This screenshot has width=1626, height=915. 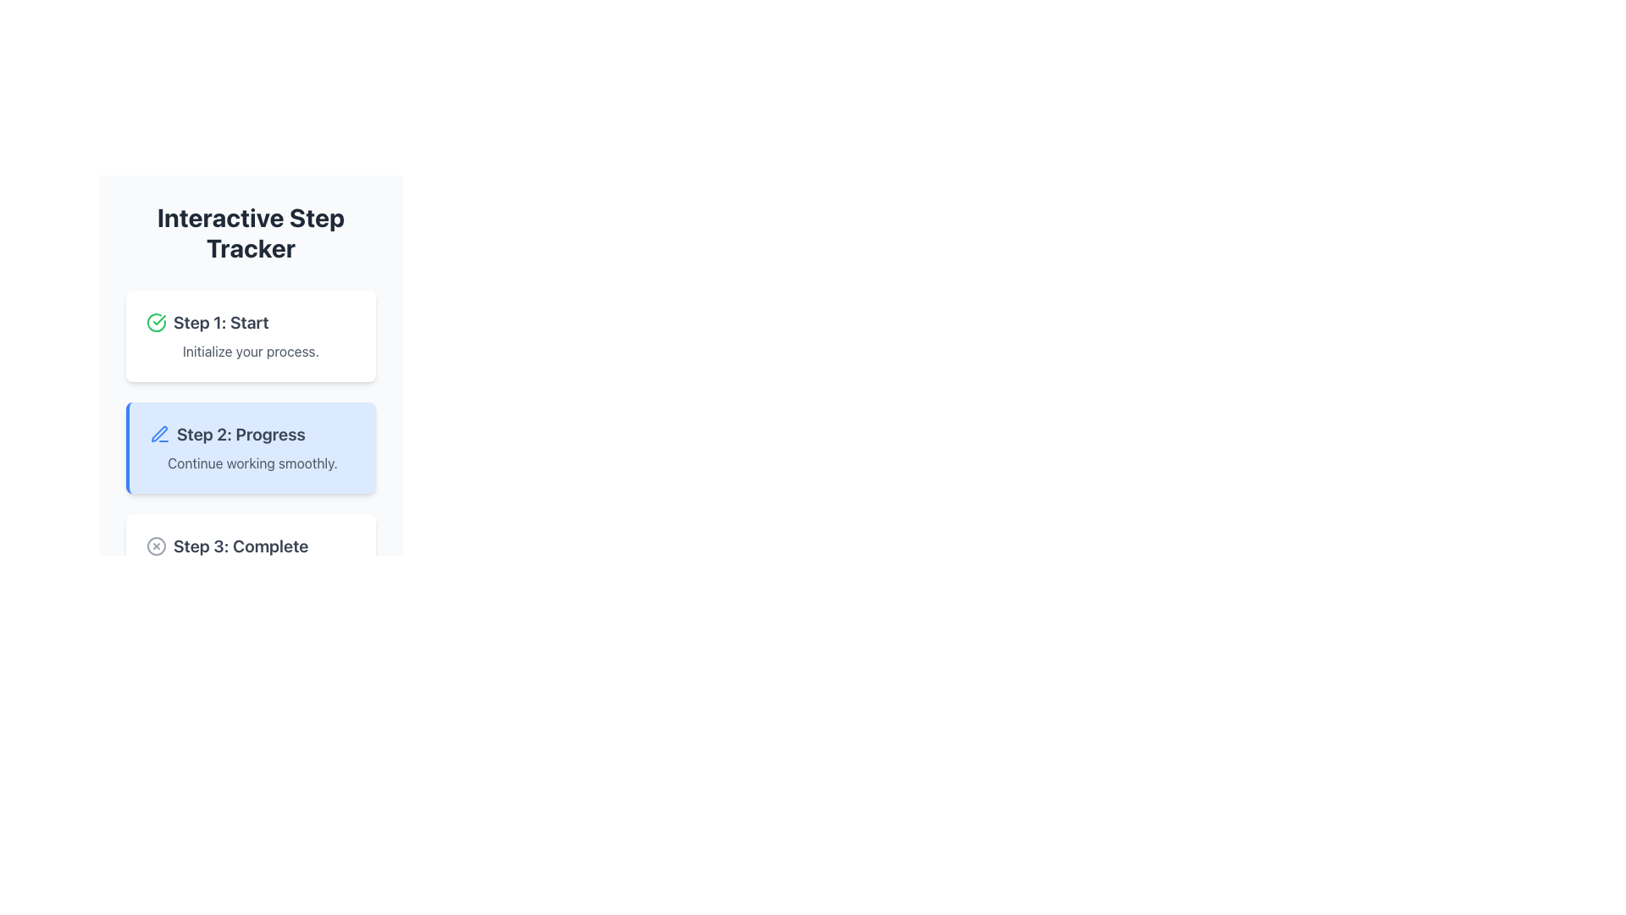 What do you see at coordinates (157, 546) in the screenshot?
I see `the error or incomplete status icon located to the left of the text 'Step 3: Complete' in the vertical step tracker interface` at bounding box center [157, 546].